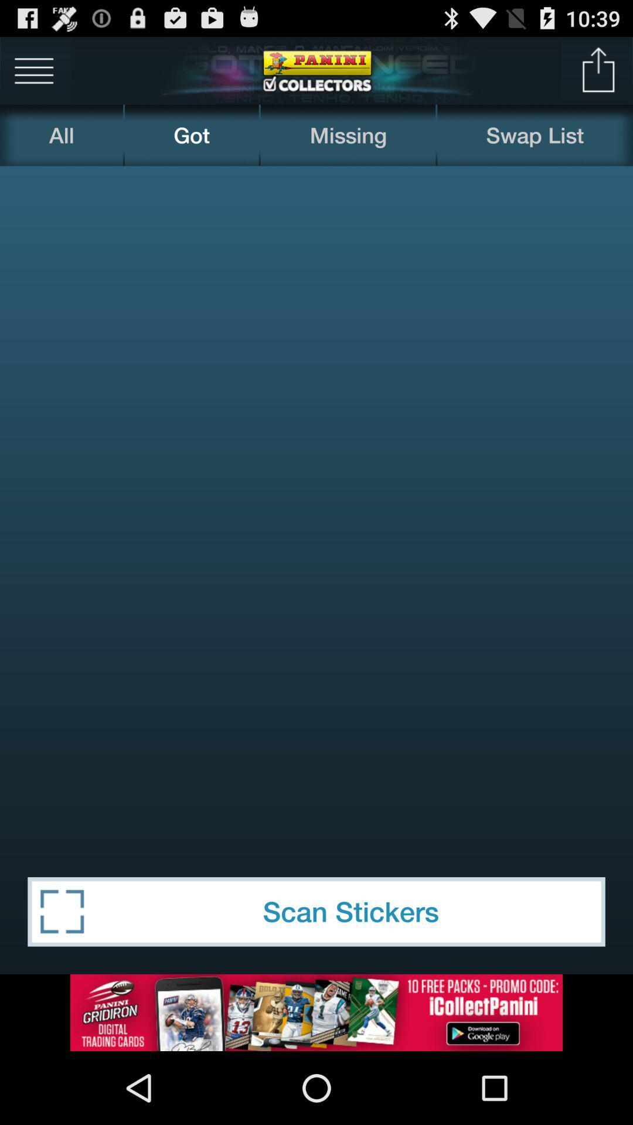 Image resolution: width=633 pixels, height=1125 pixels. I want to click on icon above the swap list icon, so click(598, 70).